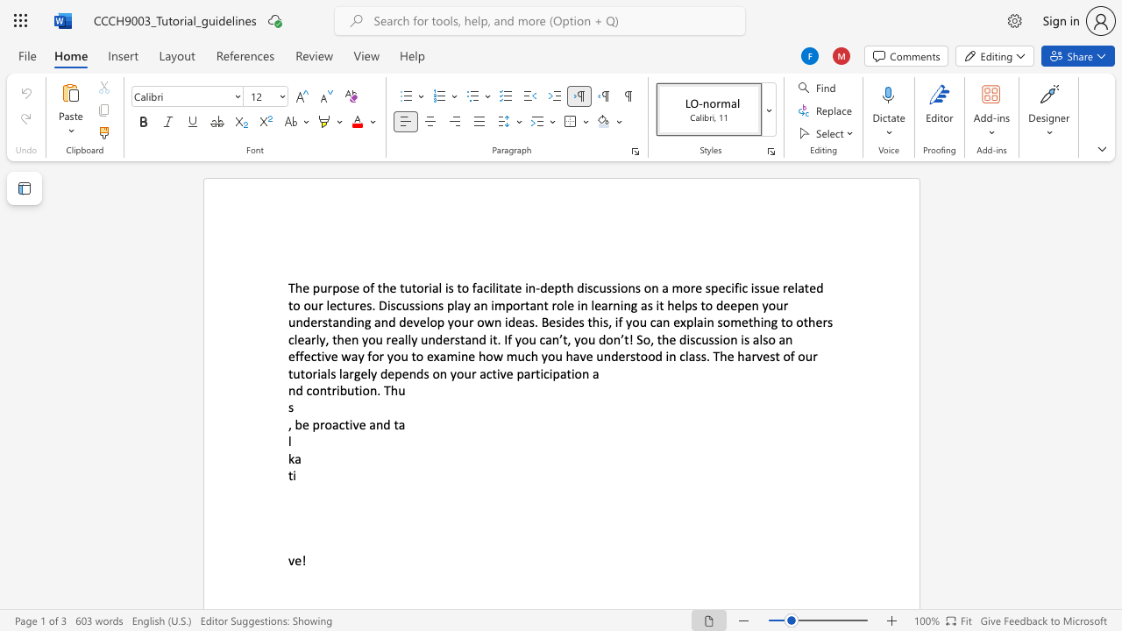 This screenshot has height=631, width=1122. Describe the element at coordinates (342, 424) in the screenshot. I see `the 1th character "c" in the text` at that location.